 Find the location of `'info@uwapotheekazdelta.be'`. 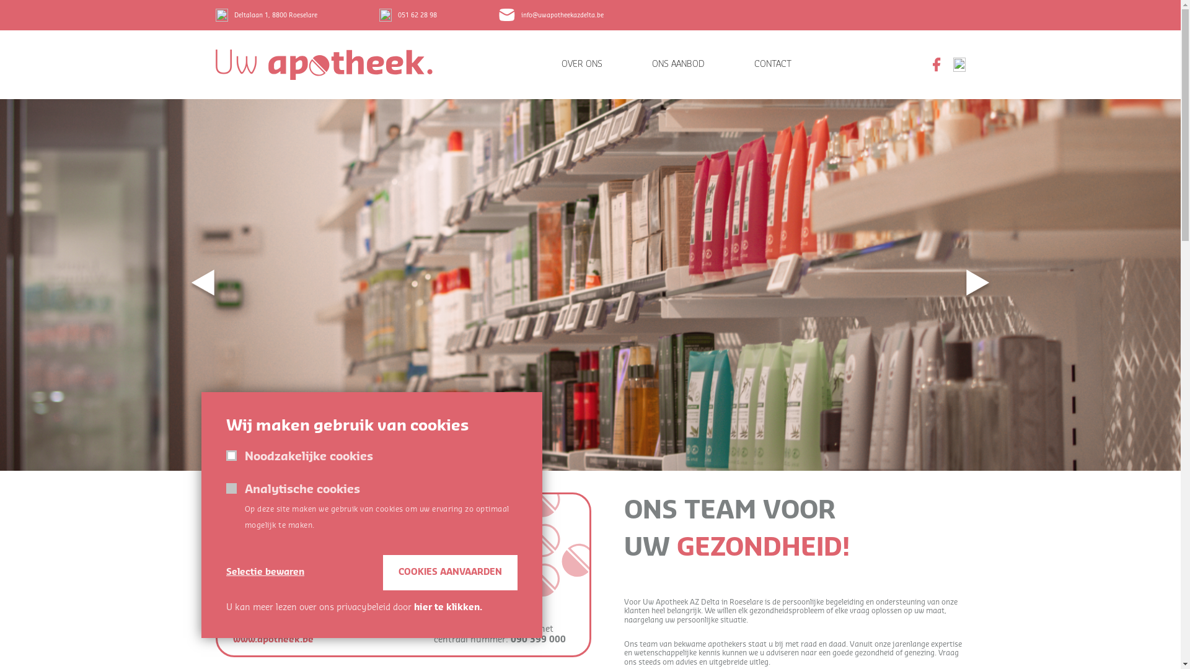

'info@uwapotheekazdelta.be' is located at coordinates (550, 15).